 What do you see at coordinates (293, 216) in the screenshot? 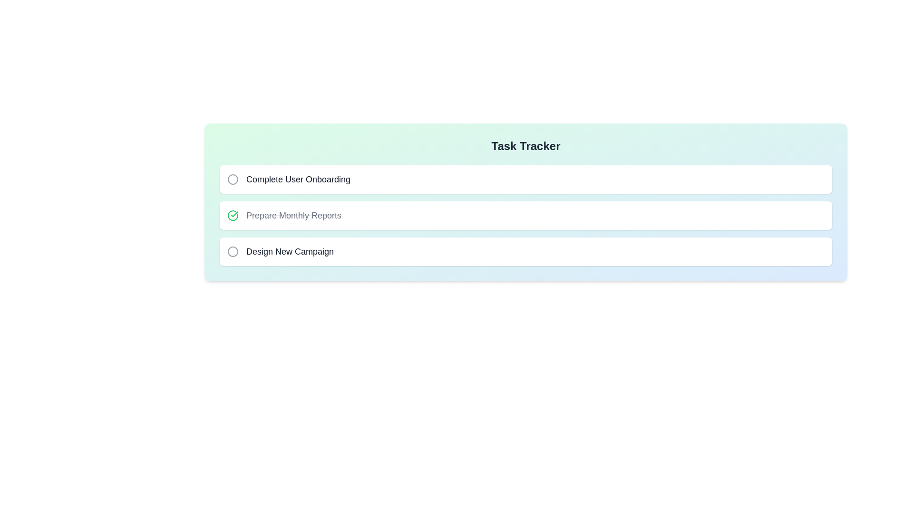
I see `the task name Prepare Monthly Reports to copy it` at bounding box center [293, 216].